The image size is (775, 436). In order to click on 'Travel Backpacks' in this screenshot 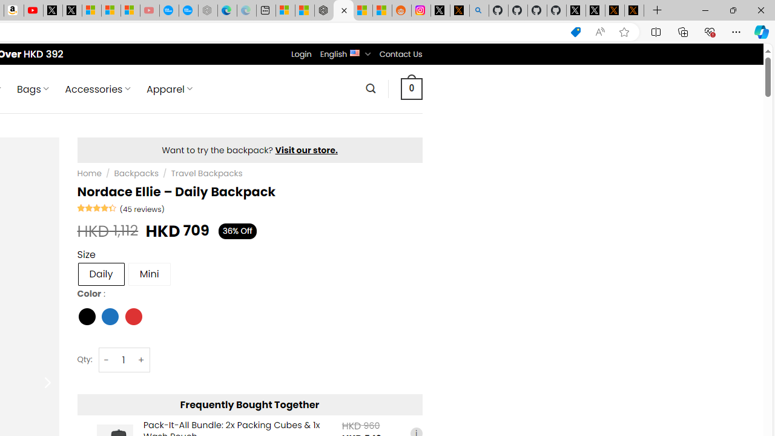, I will do `click(206, 173)`.